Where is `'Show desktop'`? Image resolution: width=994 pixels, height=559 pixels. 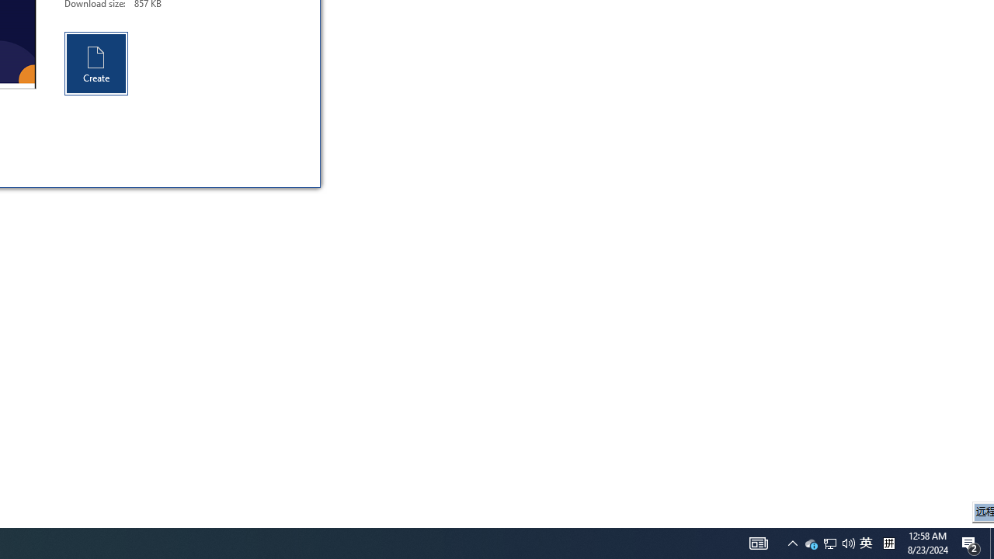
'Show desktop' is located at coordinates (971, 542).